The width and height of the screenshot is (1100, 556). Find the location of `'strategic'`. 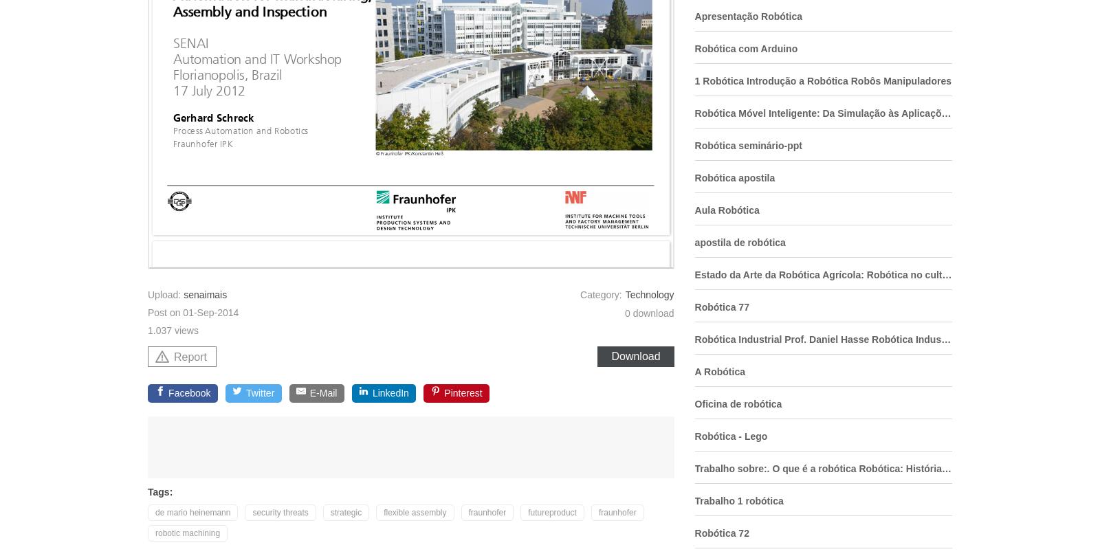

'strategic' is located at coordinates (345, 511).